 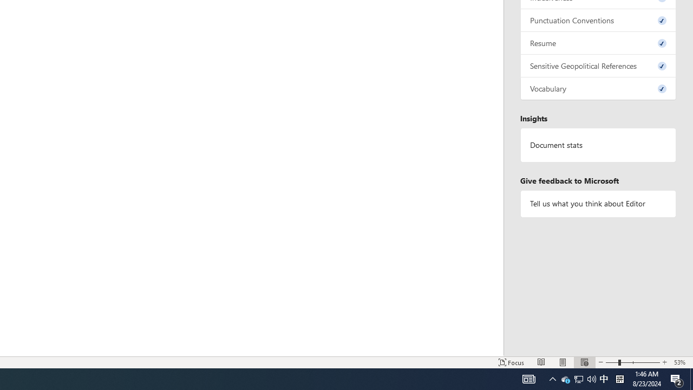 I want to click on 'Resume, 0 issues. Press space or enter to review items.', so click(x=598, y=42).